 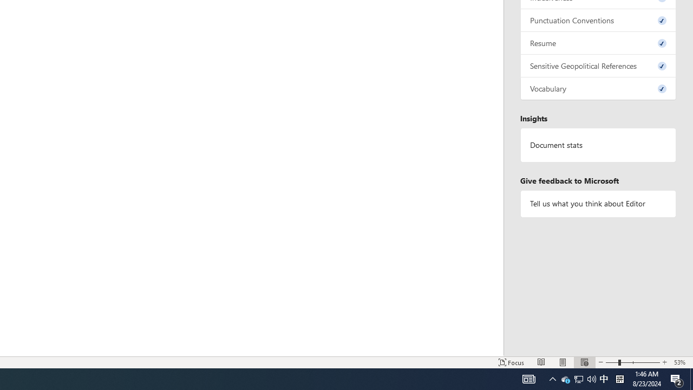 I want to click on 'Resume, 0 issues. Press space or enter to review items.', so click(x=598, y=42).